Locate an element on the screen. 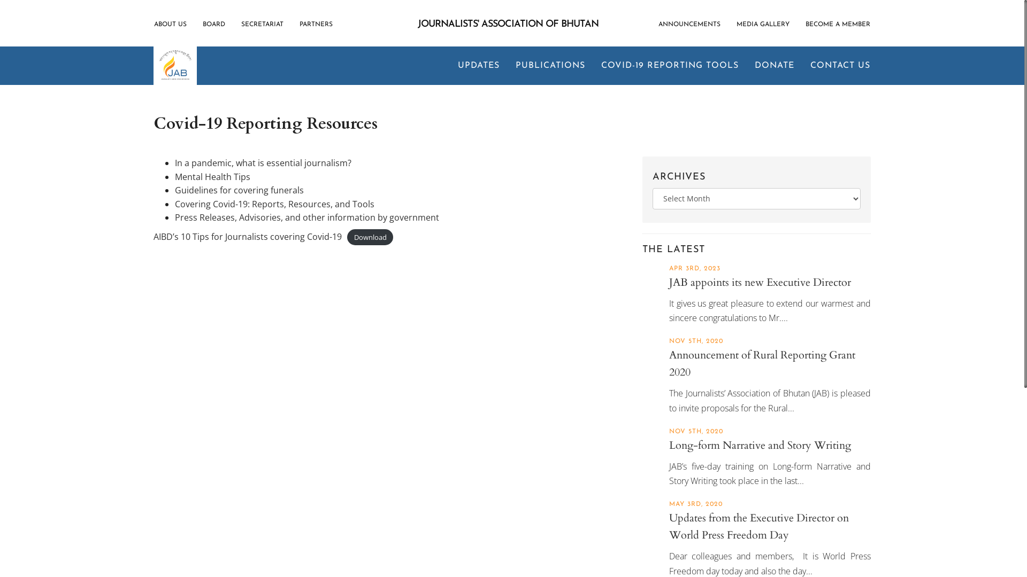 The height and width of the screenshot is (577, 1027). 'Download' is located at coordinates (370, 237).